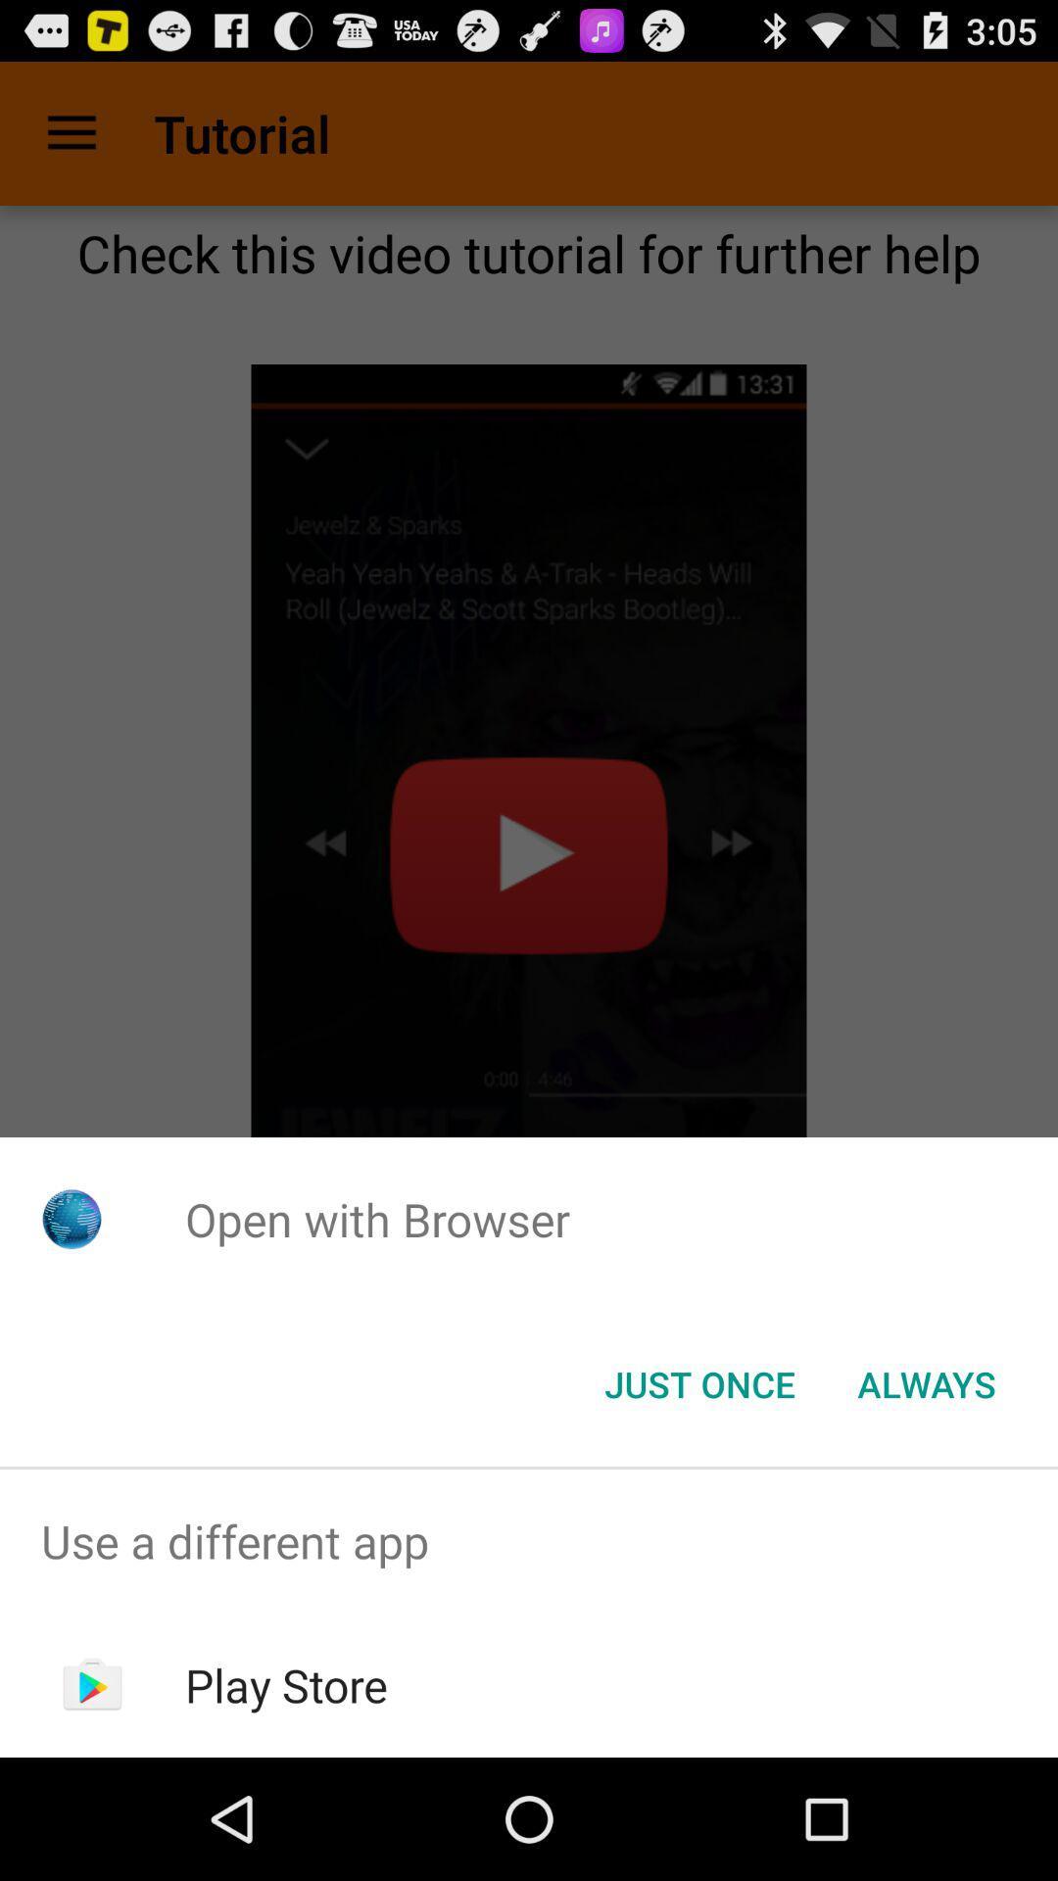  I want to click on use a different icon, so click(529, 1540).